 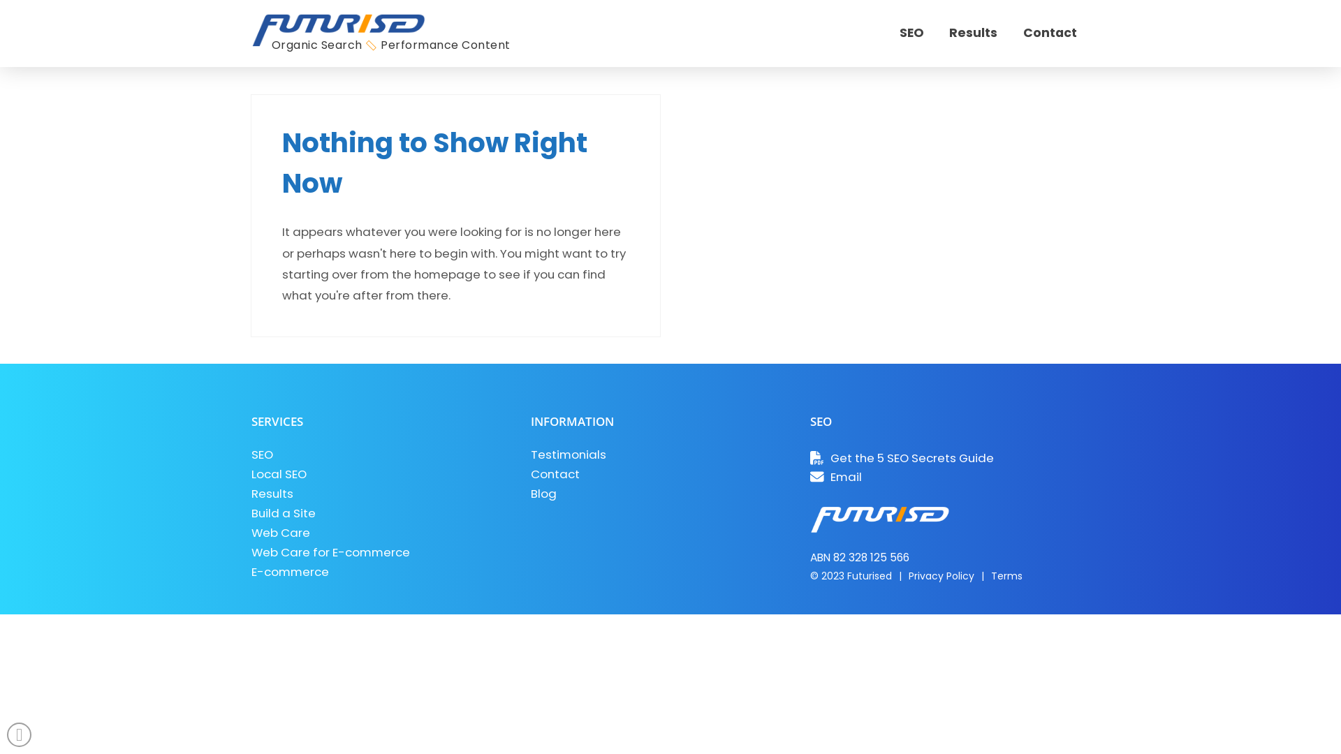 I want to click on 'Results', so click(x=972, y=32).